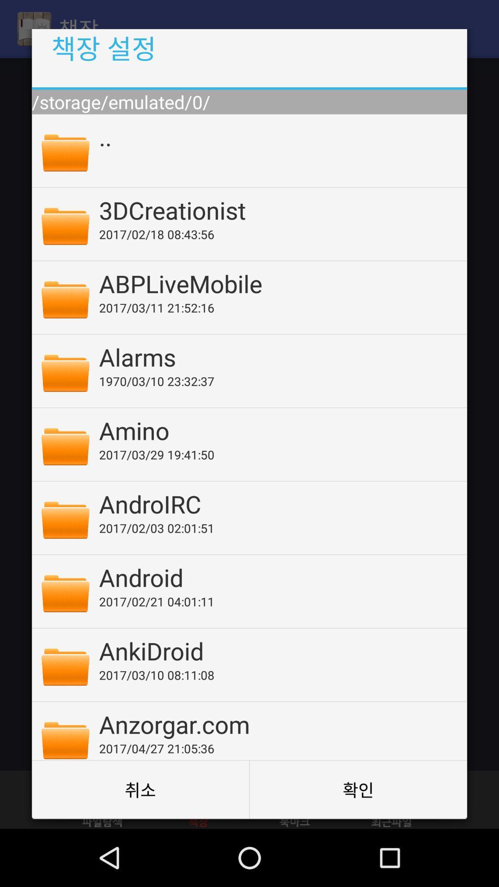 The width and height of the screenshot is (499, 887). I want to click on the app below 2017 02 18 item, so click(276, 283).